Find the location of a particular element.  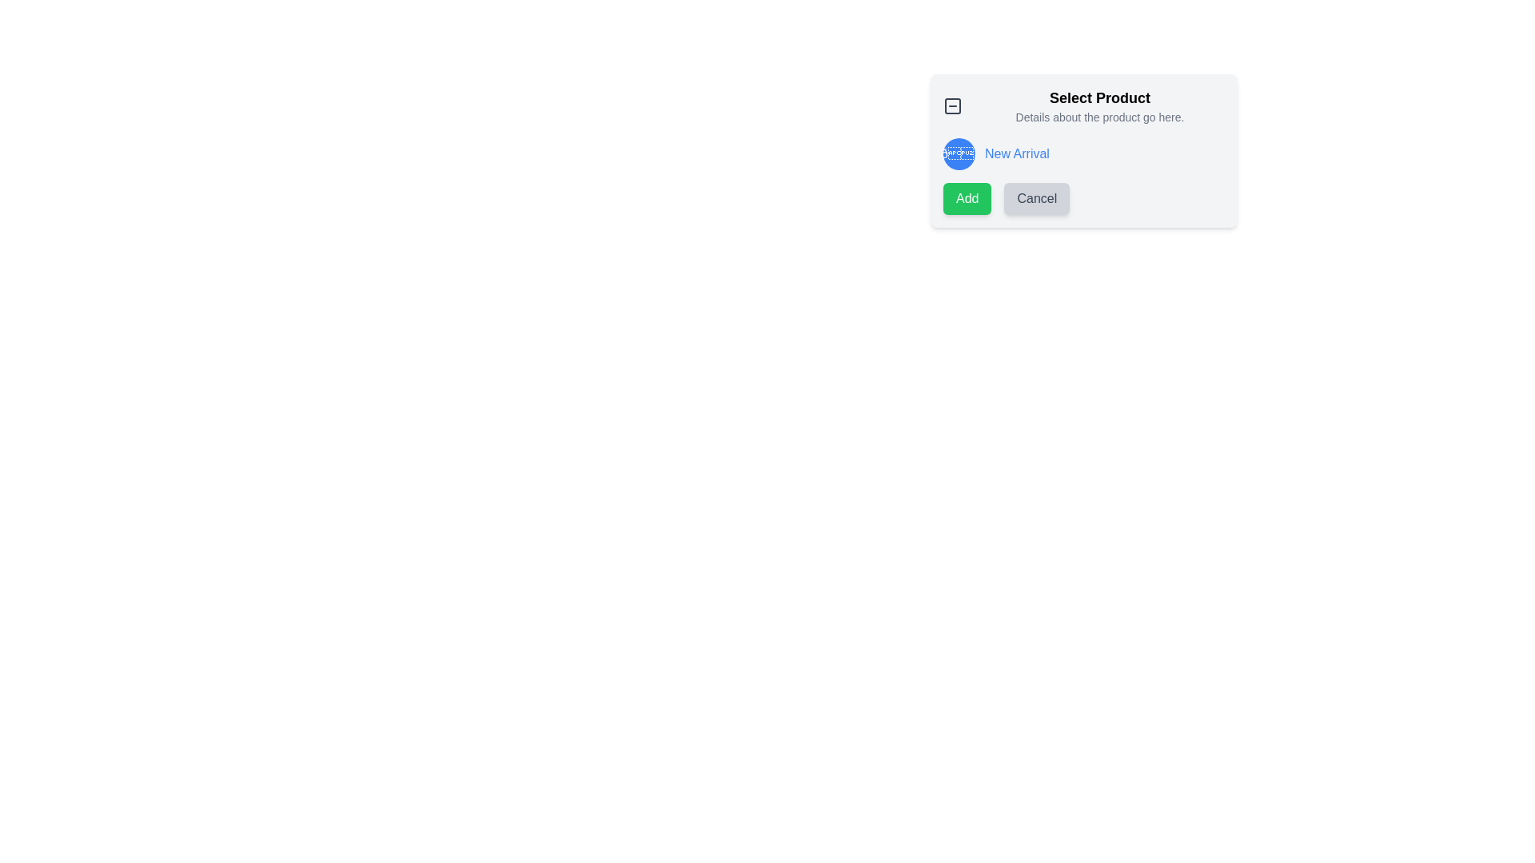

the square icon button with a minus symbol located to the left of the 'Select Product' title text in the popup dialog is located at coordinates (952, 105).